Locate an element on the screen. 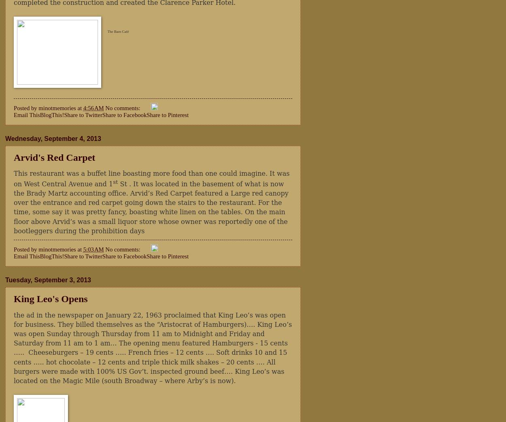 This screenshot has width=506, height=422. 'Cheeseburgers – 19 cents ….. French fries – 12 cents …. Soft drinks 10
and 15 cents ….. hot chocolate – 12 cents and triple thick milk shakes – 20
cents …. All burgers were made with 100% US Gov’t. inspected ground beef…. King
Leo’s was located on the Magic Mile (south Broadway – where Arby’s is now).' is located at coordinates (150, 366).